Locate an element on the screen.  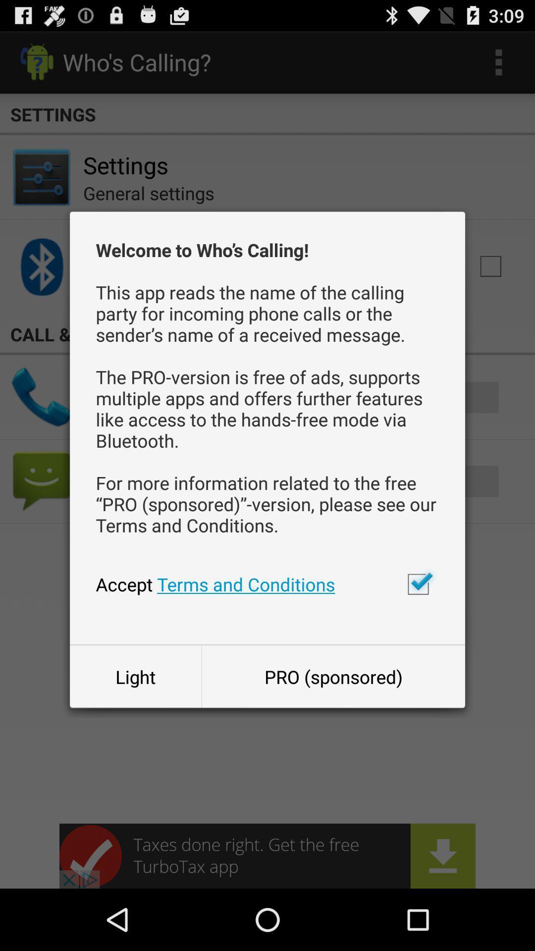
button to the left of pro (sponsored) icon is located at coordinates (135, 676).